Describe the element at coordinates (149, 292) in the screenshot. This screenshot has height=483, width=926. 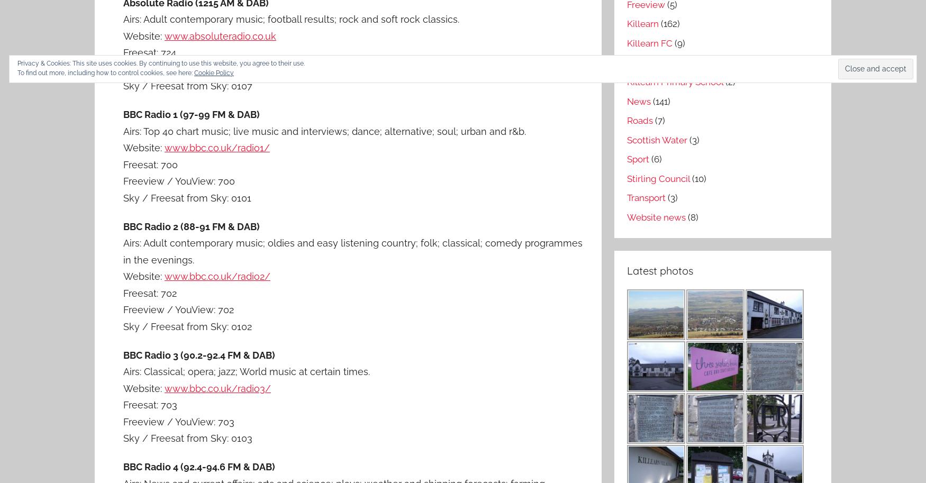
I see `'Freesat: 702'` at that location.